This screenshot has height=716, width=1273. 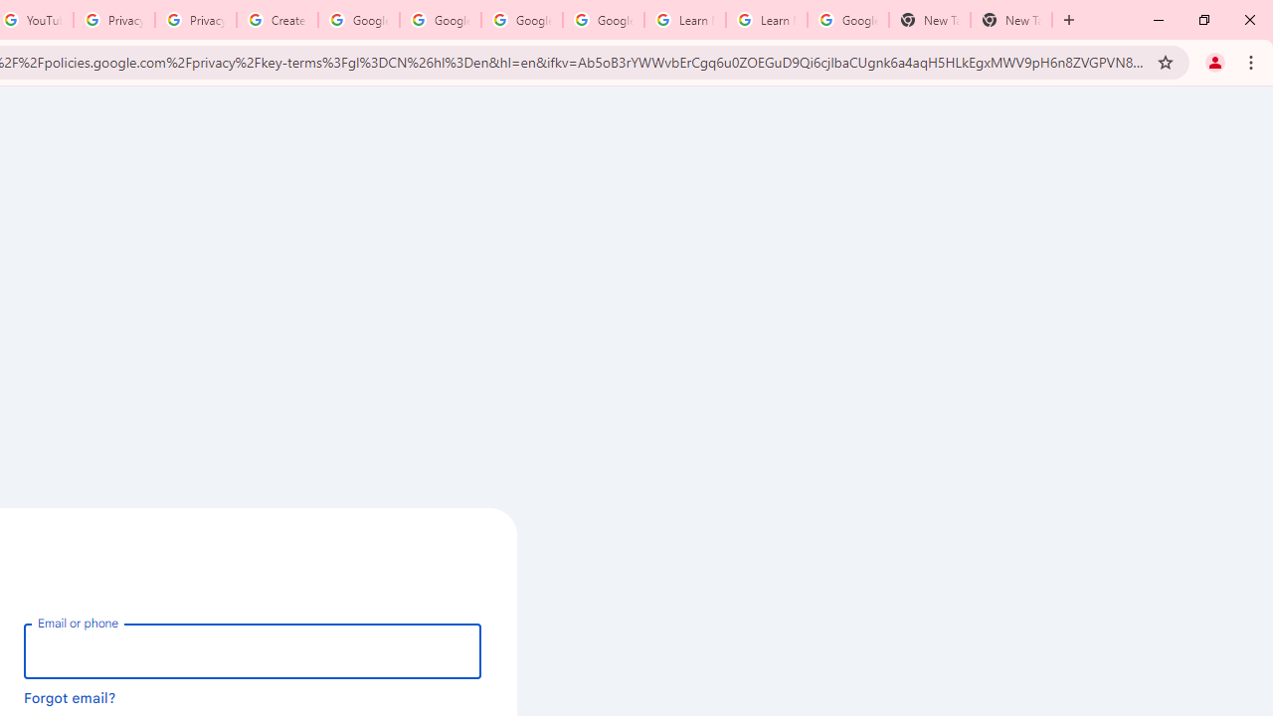 What do you see at coordinates (439, 20) in the screenshot?
I see `'Google Account Help'` at bounding box center [439, 20].